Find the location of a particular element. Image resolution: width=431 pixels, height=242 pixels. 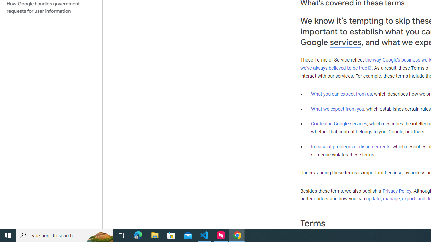

'What we expect from you' is located at coordinates (337, 109).